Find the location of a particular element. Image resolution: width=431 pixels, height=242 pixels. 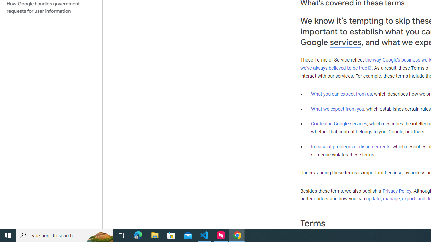

'What we expect from you' is located at coordinates (337, 109).